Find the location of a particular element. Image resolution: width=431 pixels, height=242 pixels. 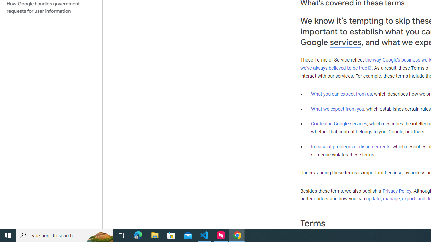

'What we expect from you' is located at coordinates (337, 109).